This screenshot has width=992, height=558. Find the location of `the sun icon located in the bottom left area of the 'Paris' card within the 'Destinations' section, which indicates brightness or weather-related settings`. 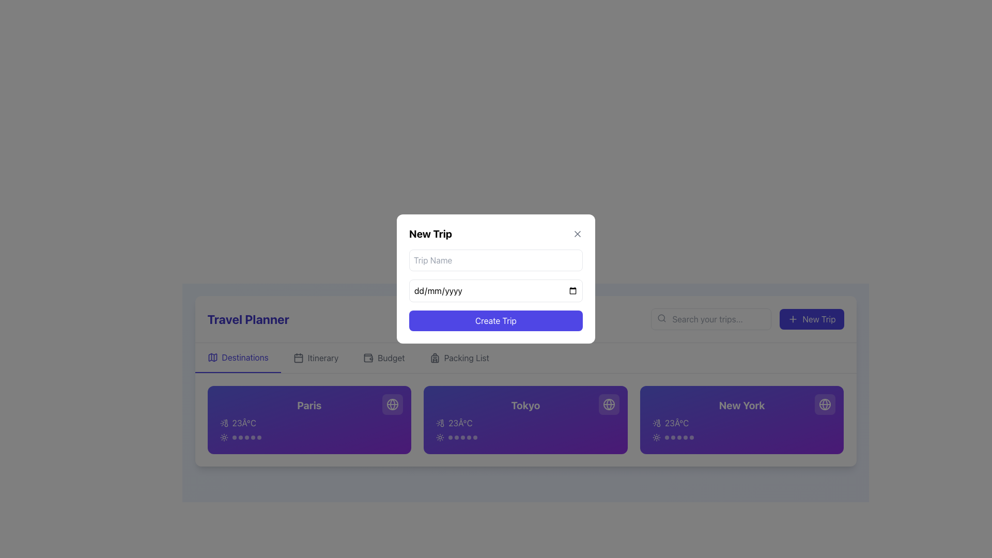

the sun icon located in the bottom left area of the 'Paris' card within the 'Destinations' section, which indicates brightness or weather-related settings is located at coordinates (223, 438).